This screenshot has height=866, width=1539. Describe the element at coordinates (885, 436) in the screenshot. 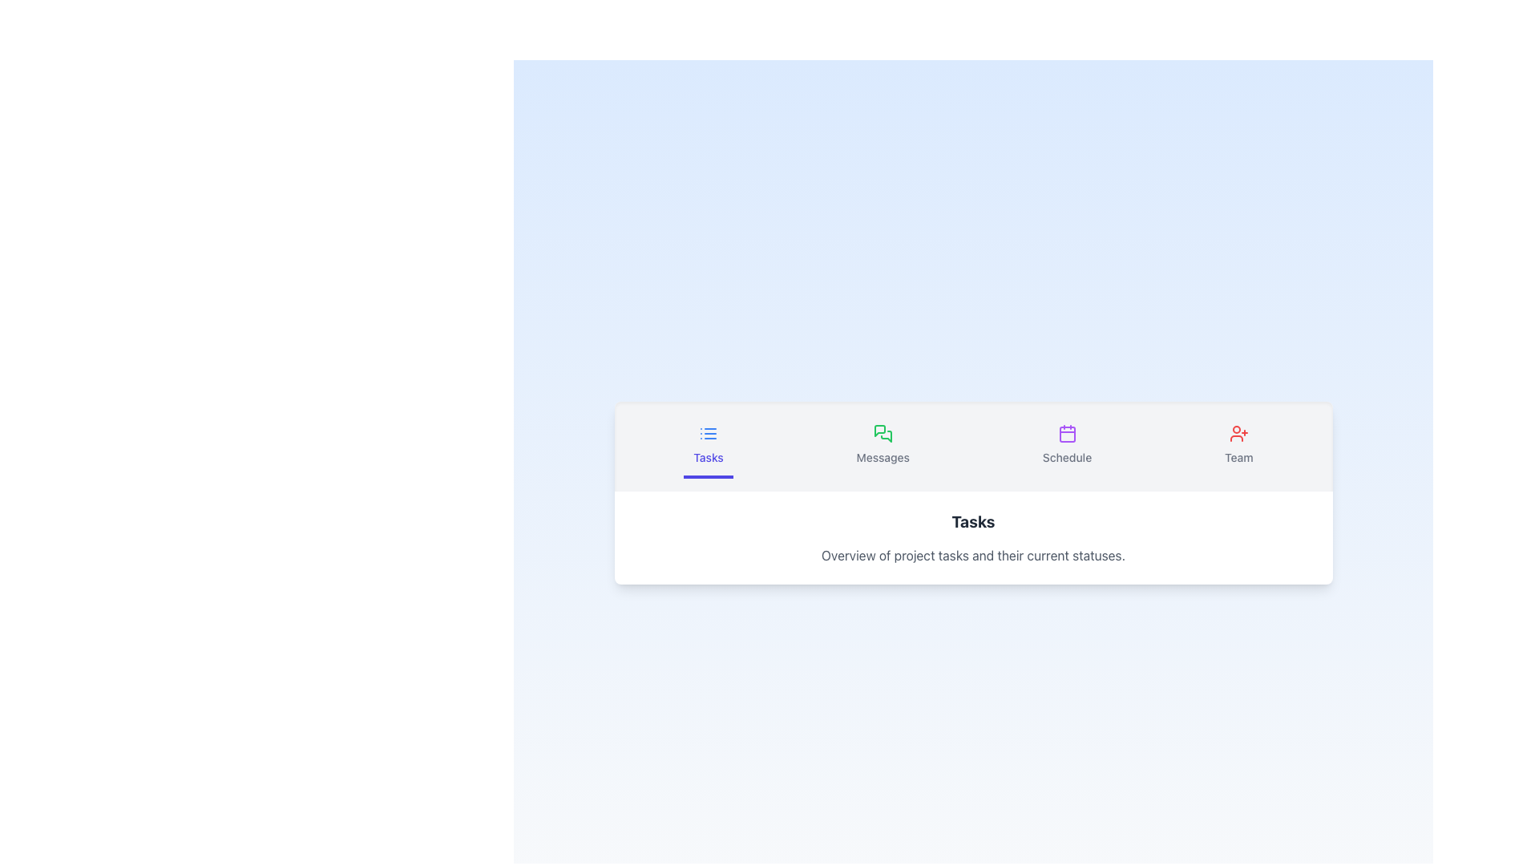

I see `the decorative vector graphic element, which is the right section of a speech bubble icon with a green stroke, positioned above the 'Messages' label in the top navigation bar` at that location.